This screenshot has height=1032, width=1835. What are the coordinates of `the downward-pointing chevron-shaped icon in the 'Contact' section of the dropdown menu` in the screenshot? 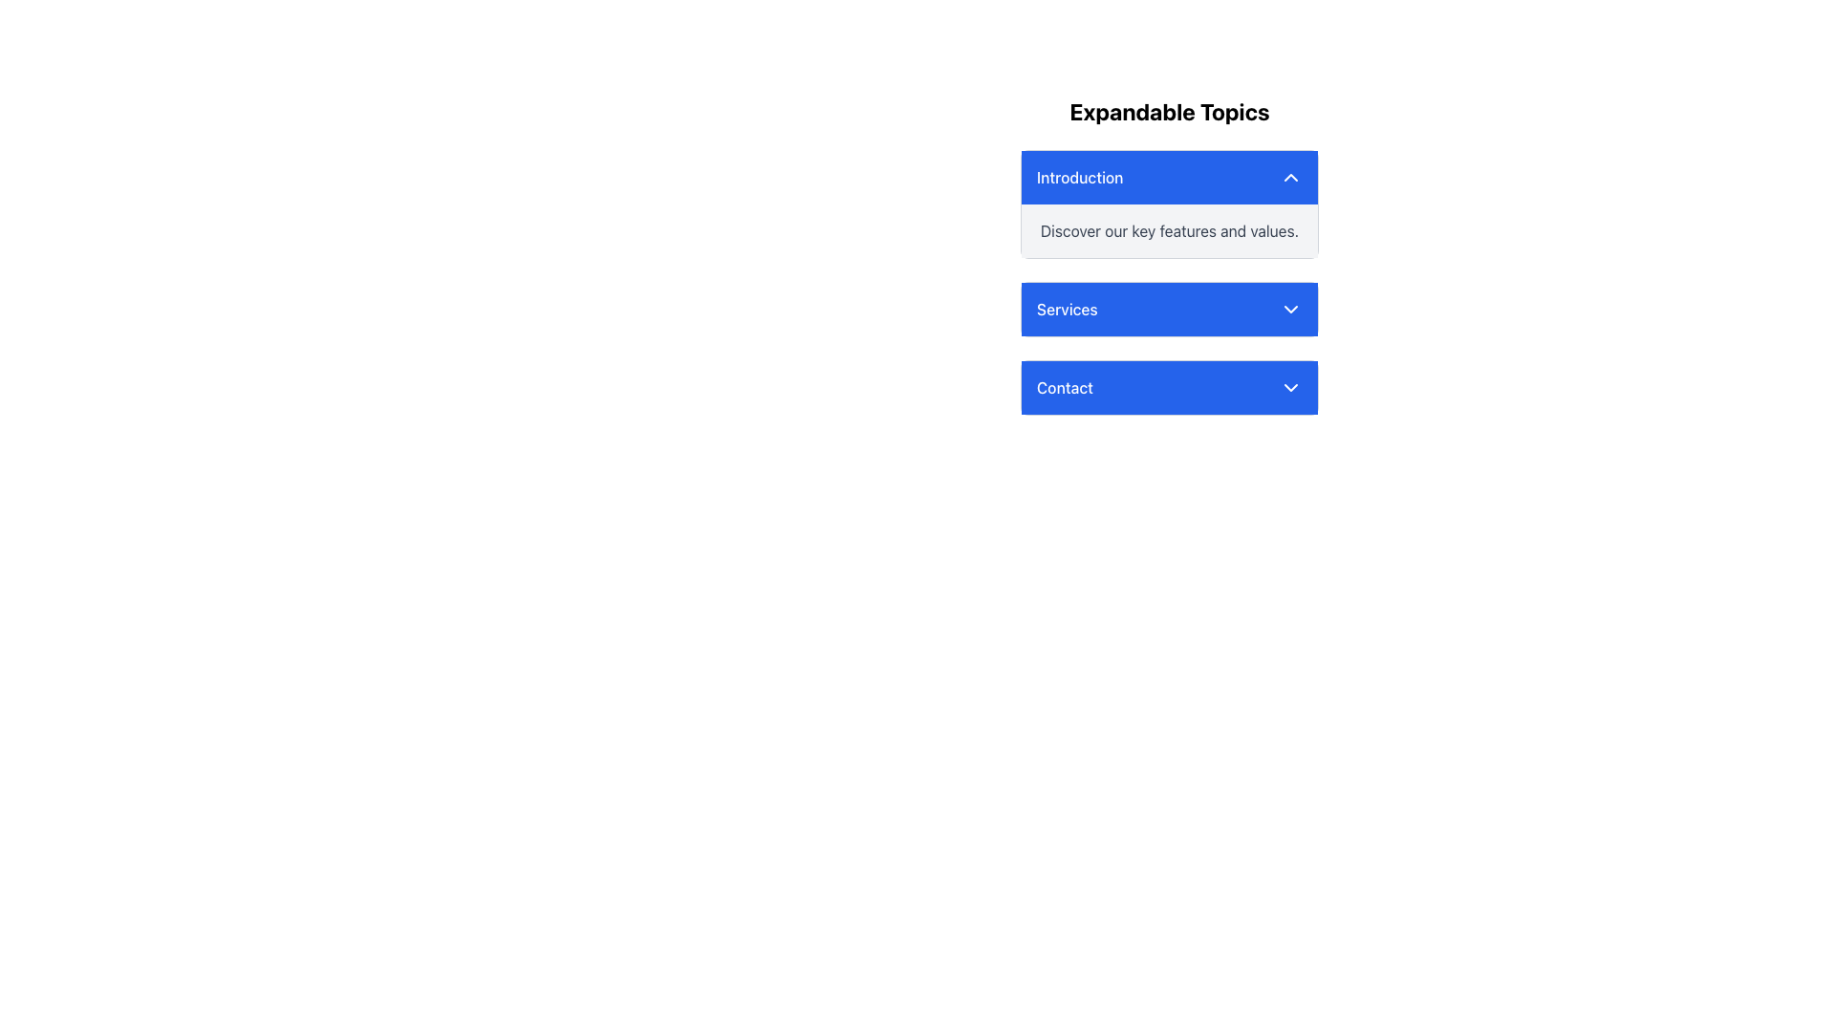 It's located at (1290, 387).